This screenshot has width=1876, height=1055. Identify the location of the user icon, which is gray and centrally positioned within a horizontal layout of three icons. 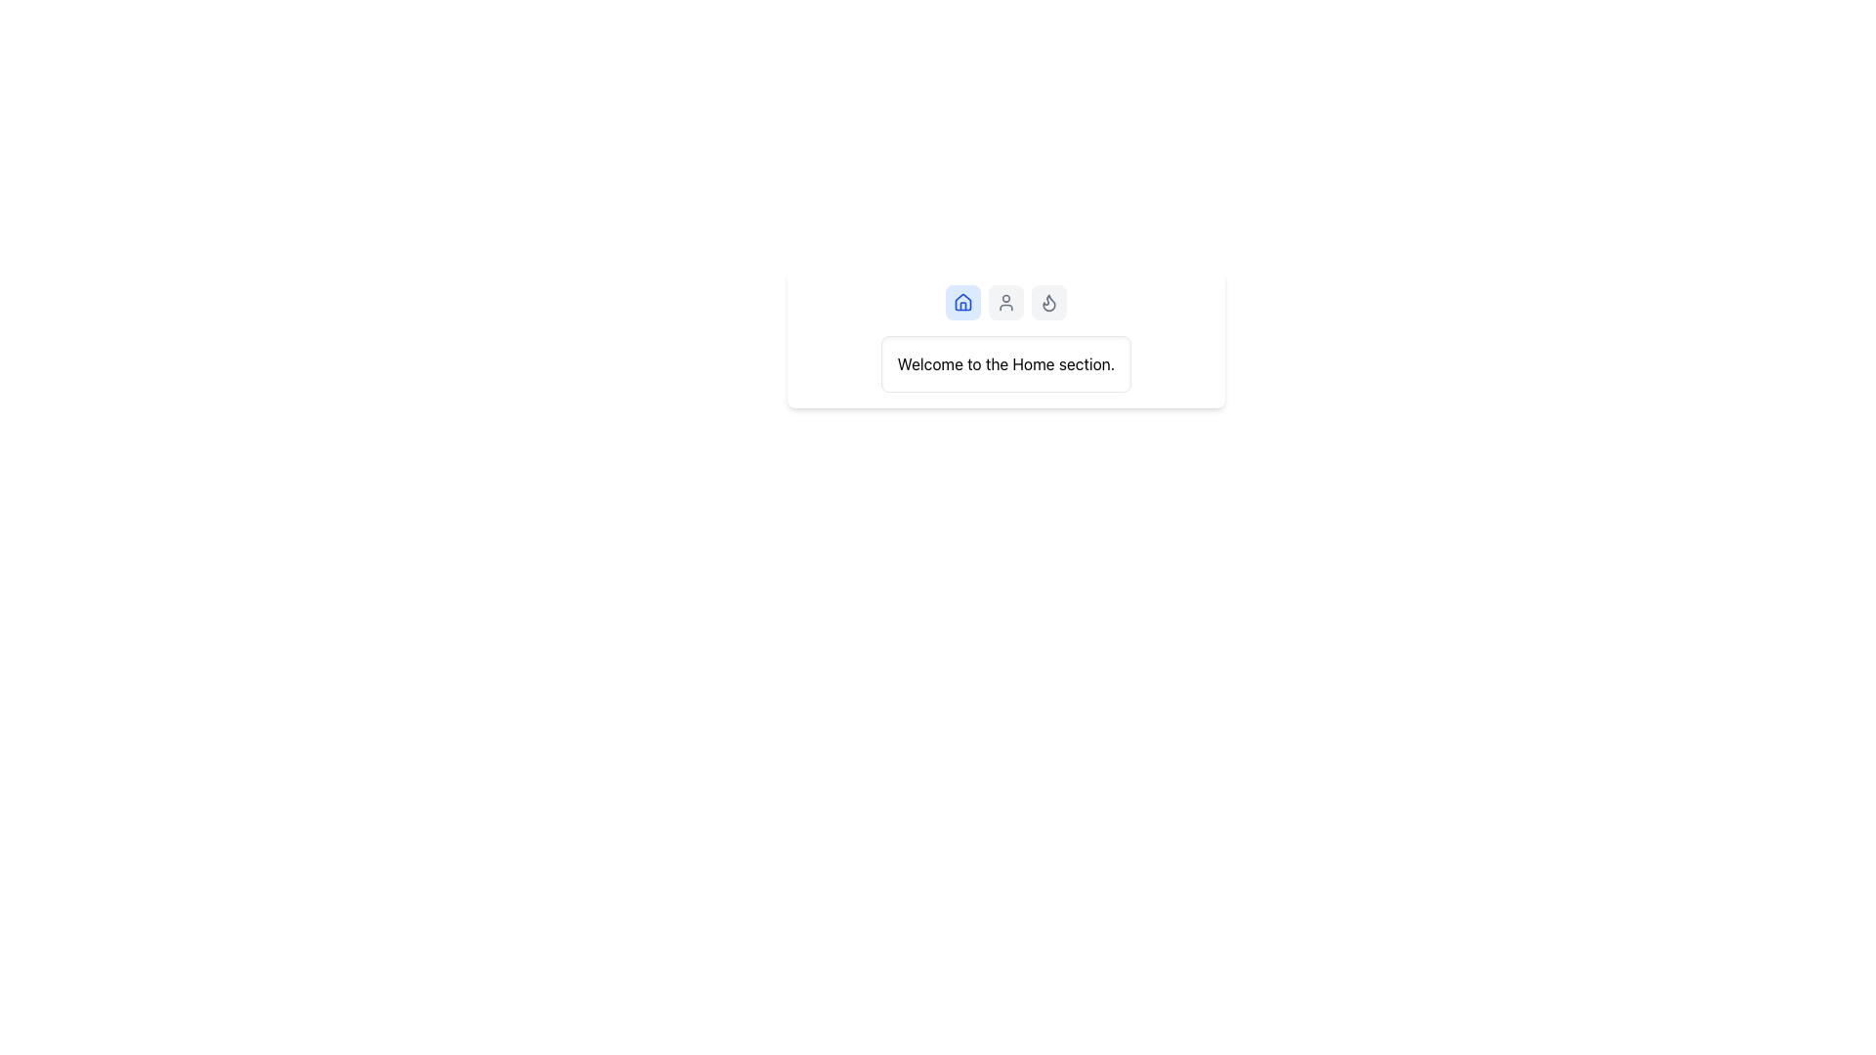
(1006, 302).